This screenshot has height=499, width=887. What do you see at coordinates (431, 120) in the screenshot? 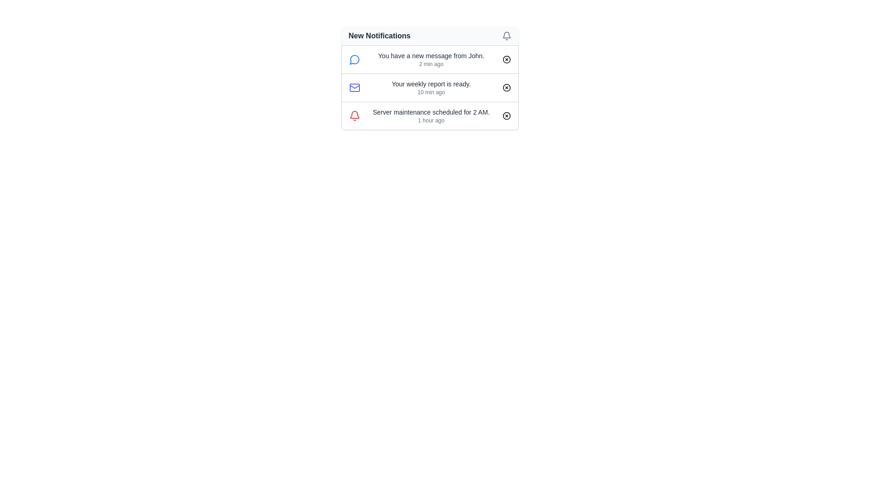
I see `the static text that displays the time elapsed since the last notification update, located below the 'Server maintenance scheduled for 2 AM.' text` at bounding box center [431, 120].